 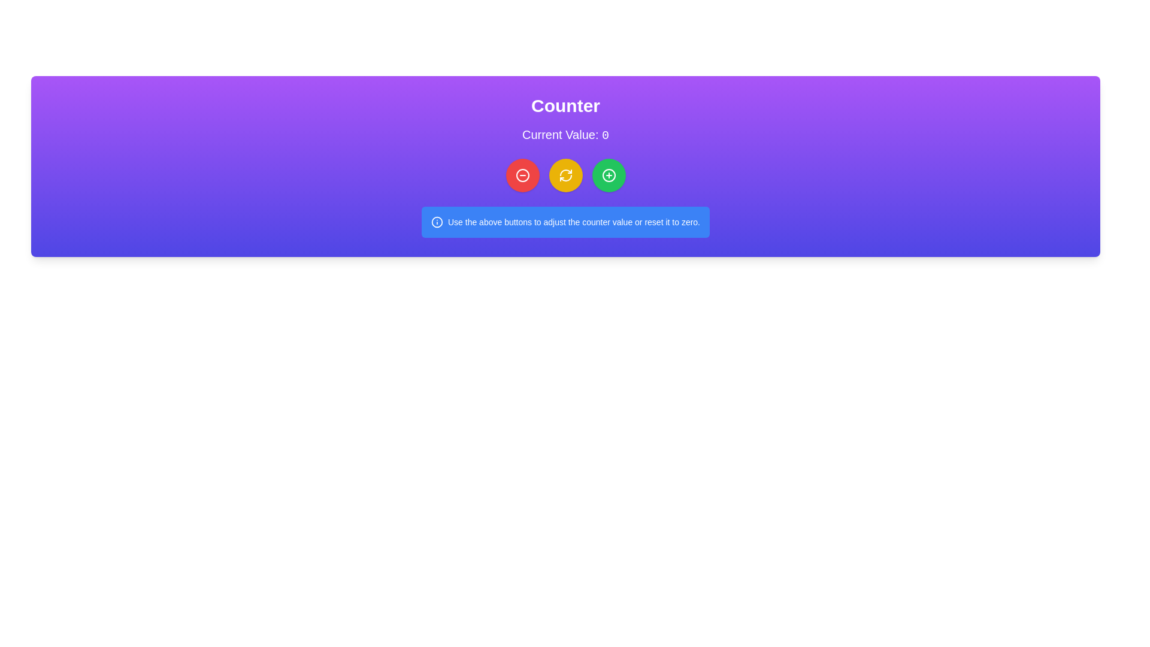 I want to click on the SVG circle shape located in the green button at the far right of the three buttons below the 'Current Value' text, so click(x=609, y=176).